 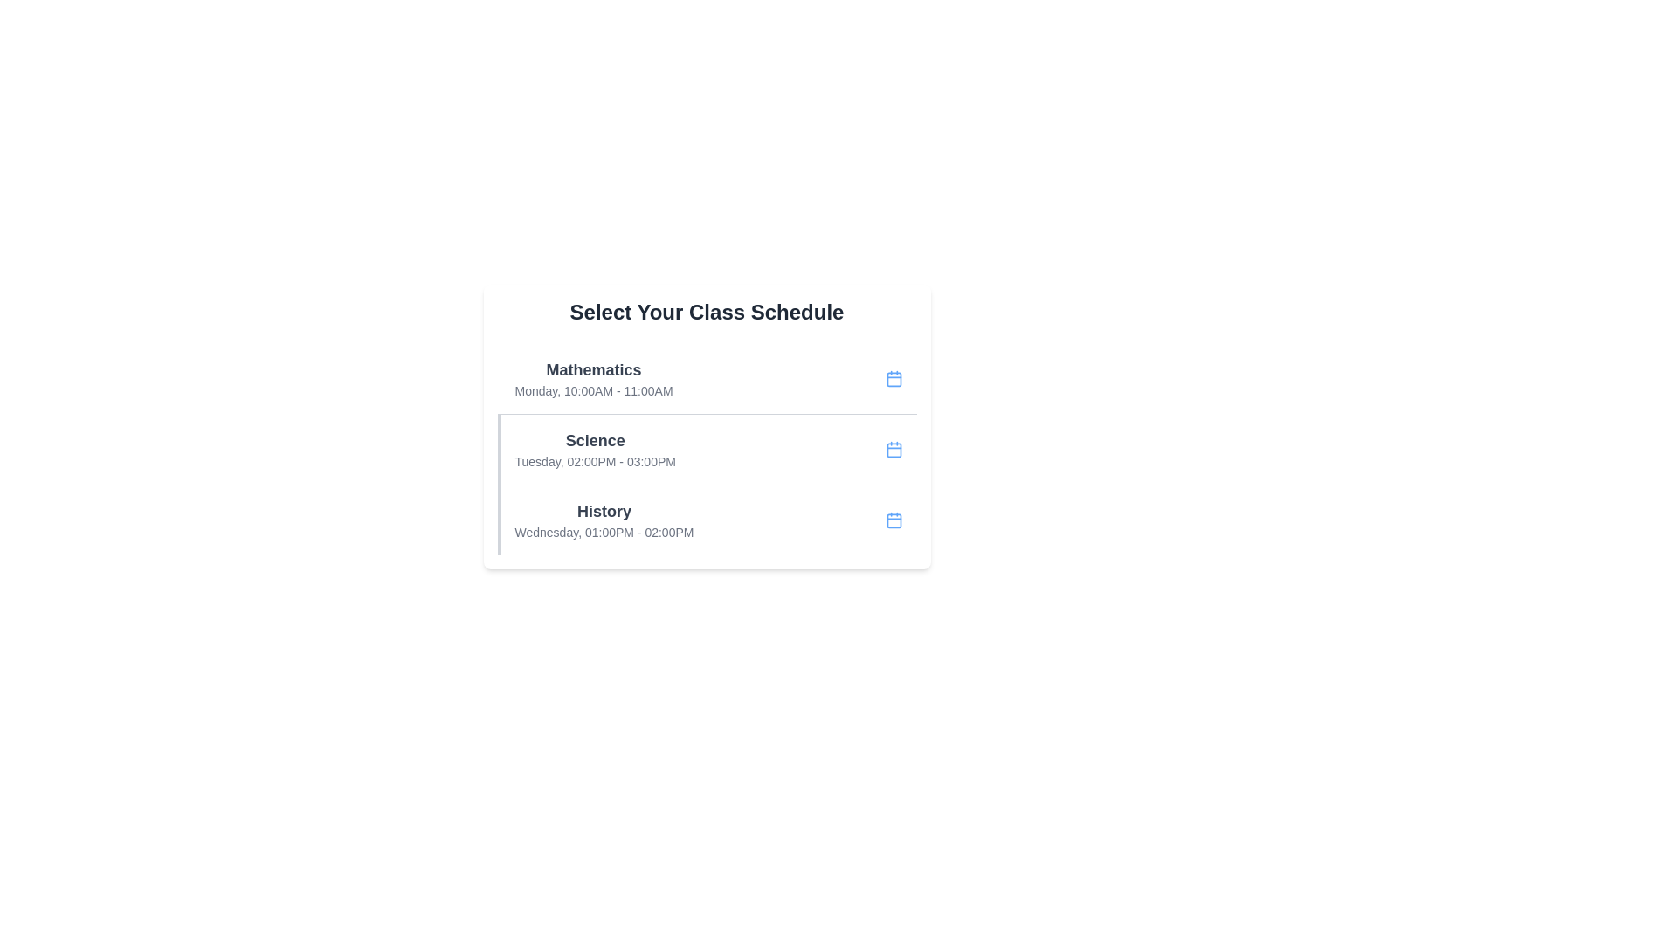 I want to click on the third item in the list displaying class schedule information, located below the 'Select Your Class Schedule' header and above additional elements, to possibly view additional details, so click(x=604, y=520).